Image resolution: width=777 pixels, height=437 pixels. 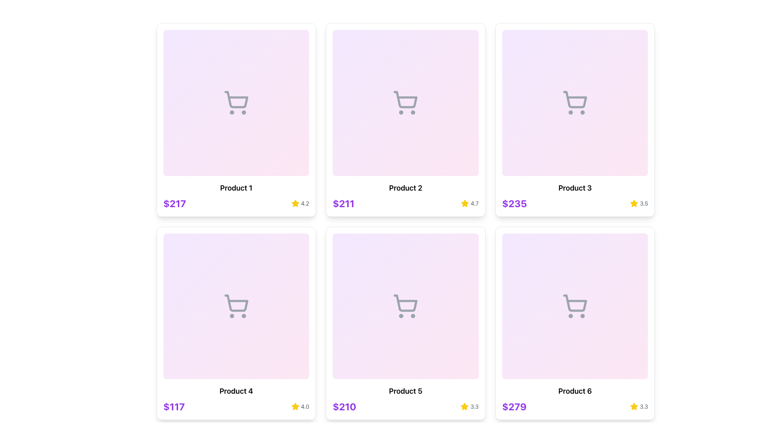 I want to click on the rating icon located in the bottom-right corner of the 'Product 5' card, adjacent to the rating value of '3.3', if it is interactive, so click(x=464, y=406).